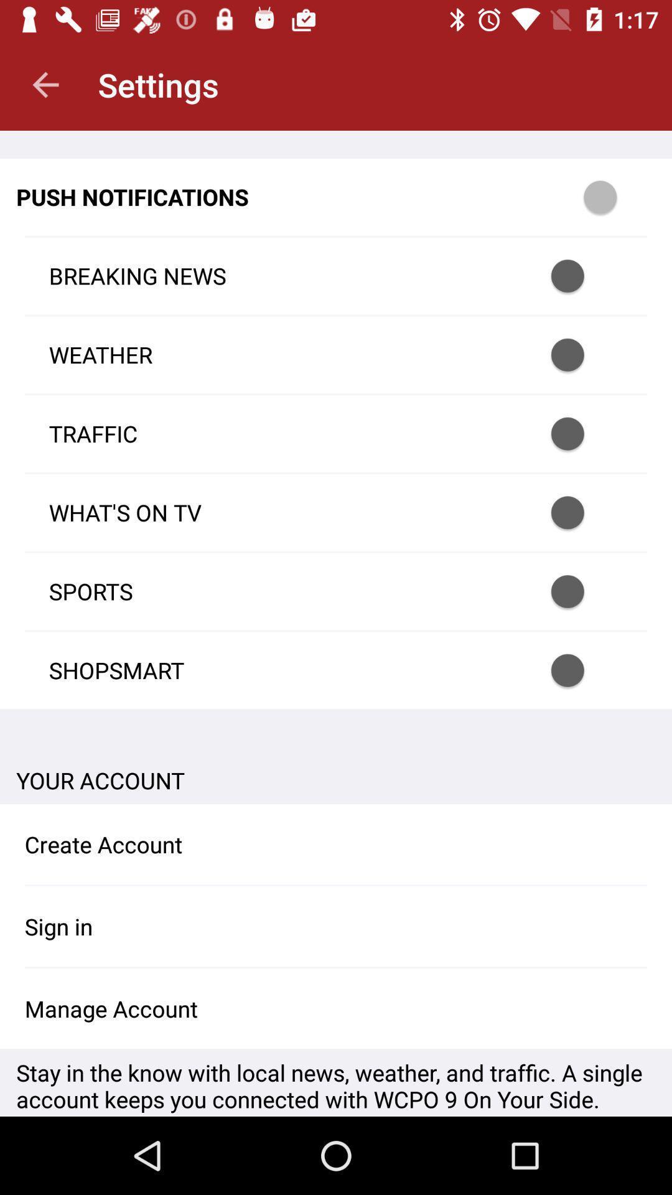 The image size is (672, 1195). What do you see at coordinates (584, 512) in the screenshot?
I see `turn on button` at bounding box center [584, 512].